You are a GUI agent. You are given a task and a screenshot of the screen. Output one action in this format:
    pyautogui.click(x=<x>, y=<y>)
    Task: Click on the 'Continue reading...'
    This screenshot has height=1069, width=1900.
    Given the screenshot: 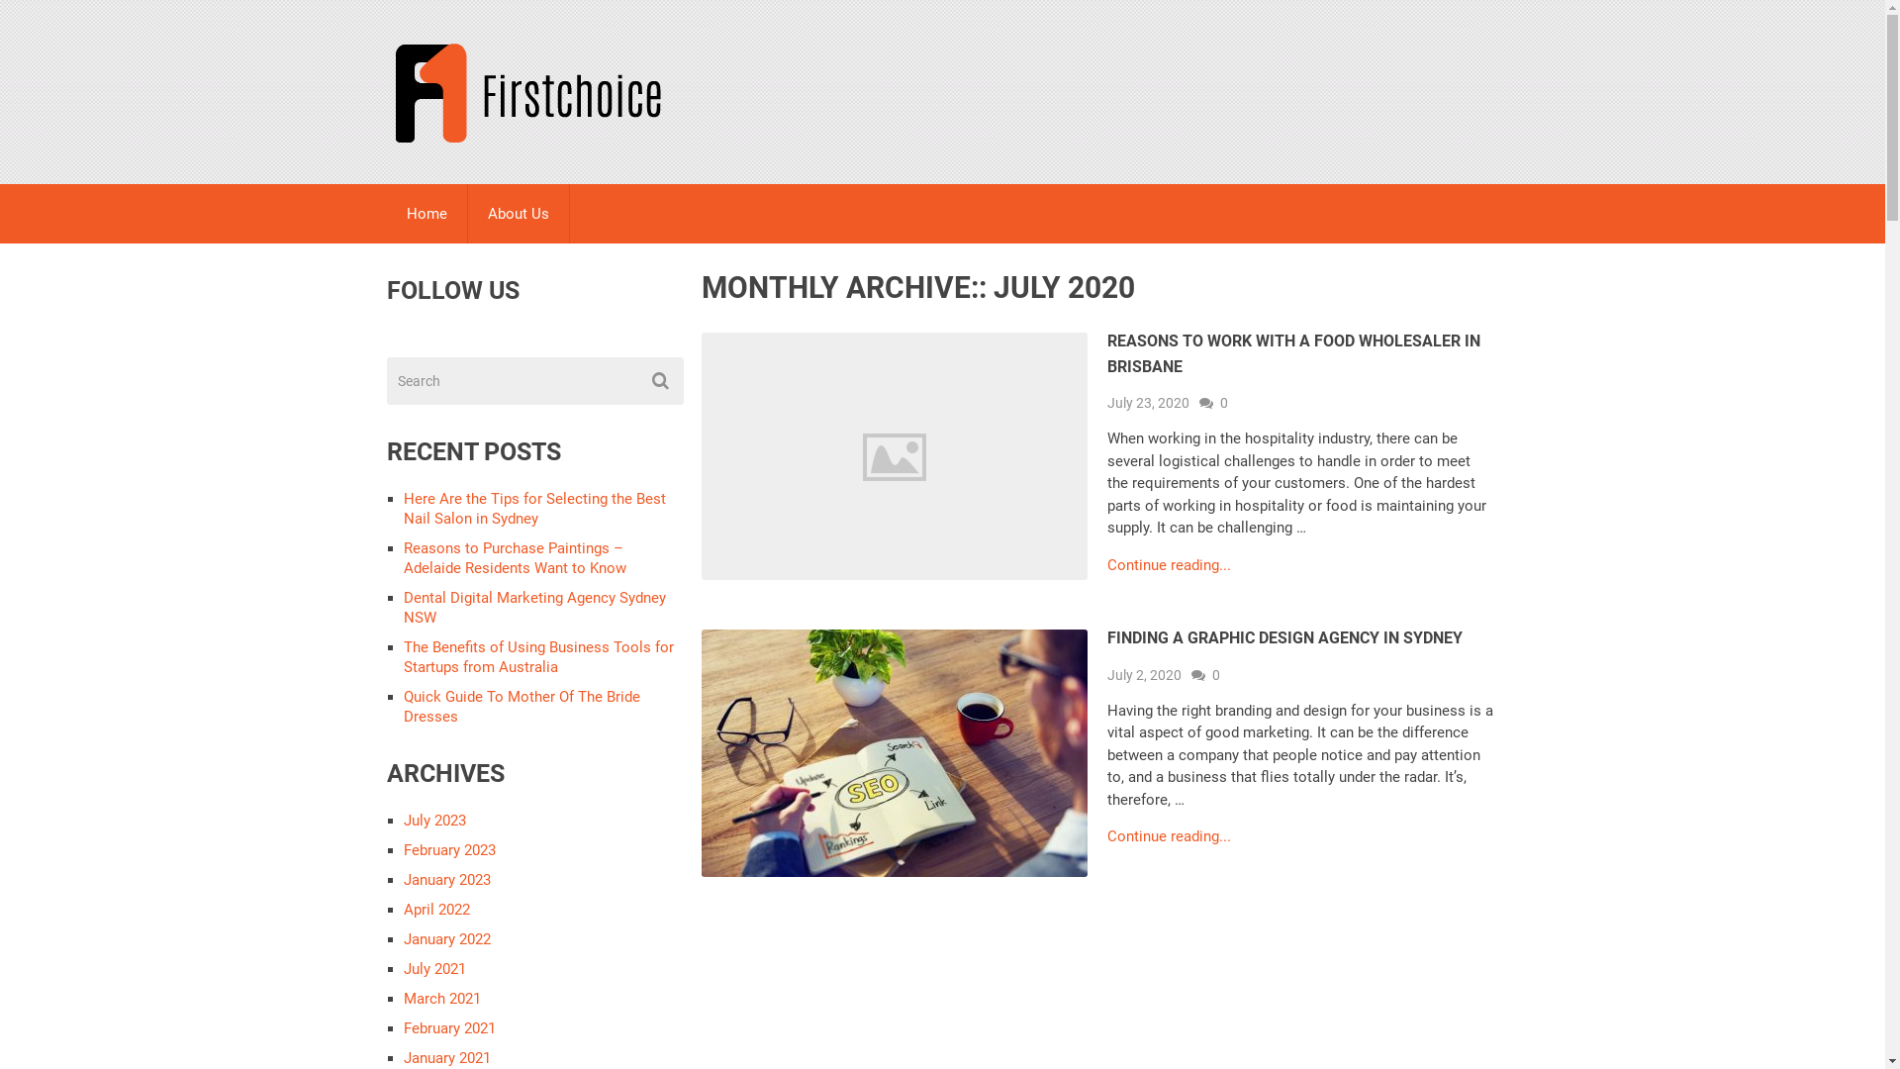 What is the action you would take?
    pyautogui.click(x=1169, y=565)
    